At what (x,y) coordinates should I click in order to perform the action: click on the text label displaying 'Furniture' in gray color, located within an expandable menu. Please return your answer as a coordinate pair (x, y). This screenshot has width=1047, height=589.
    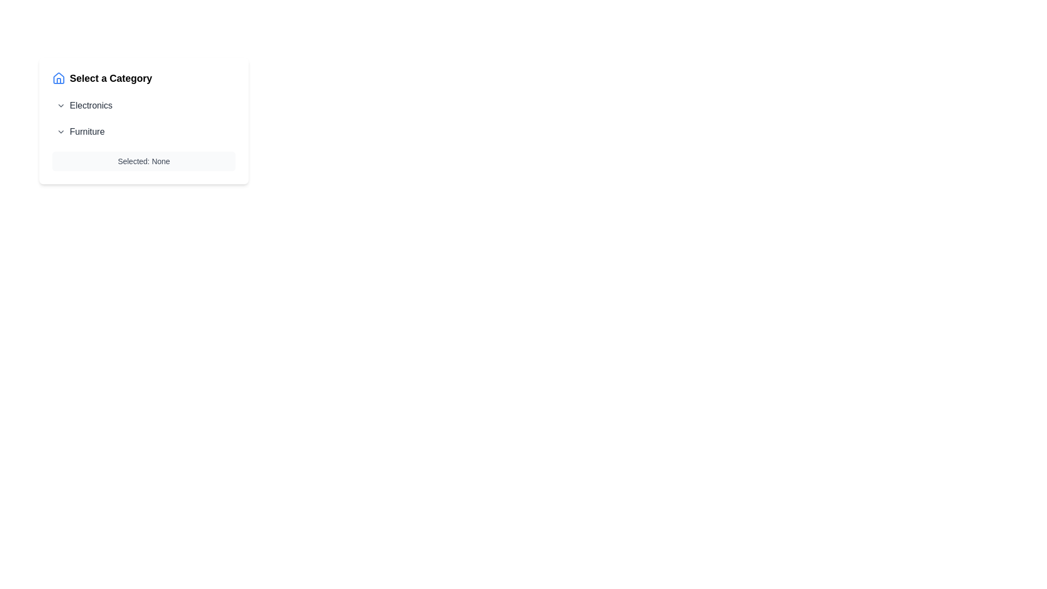
    Looking at the image, I should click on (86, 131).